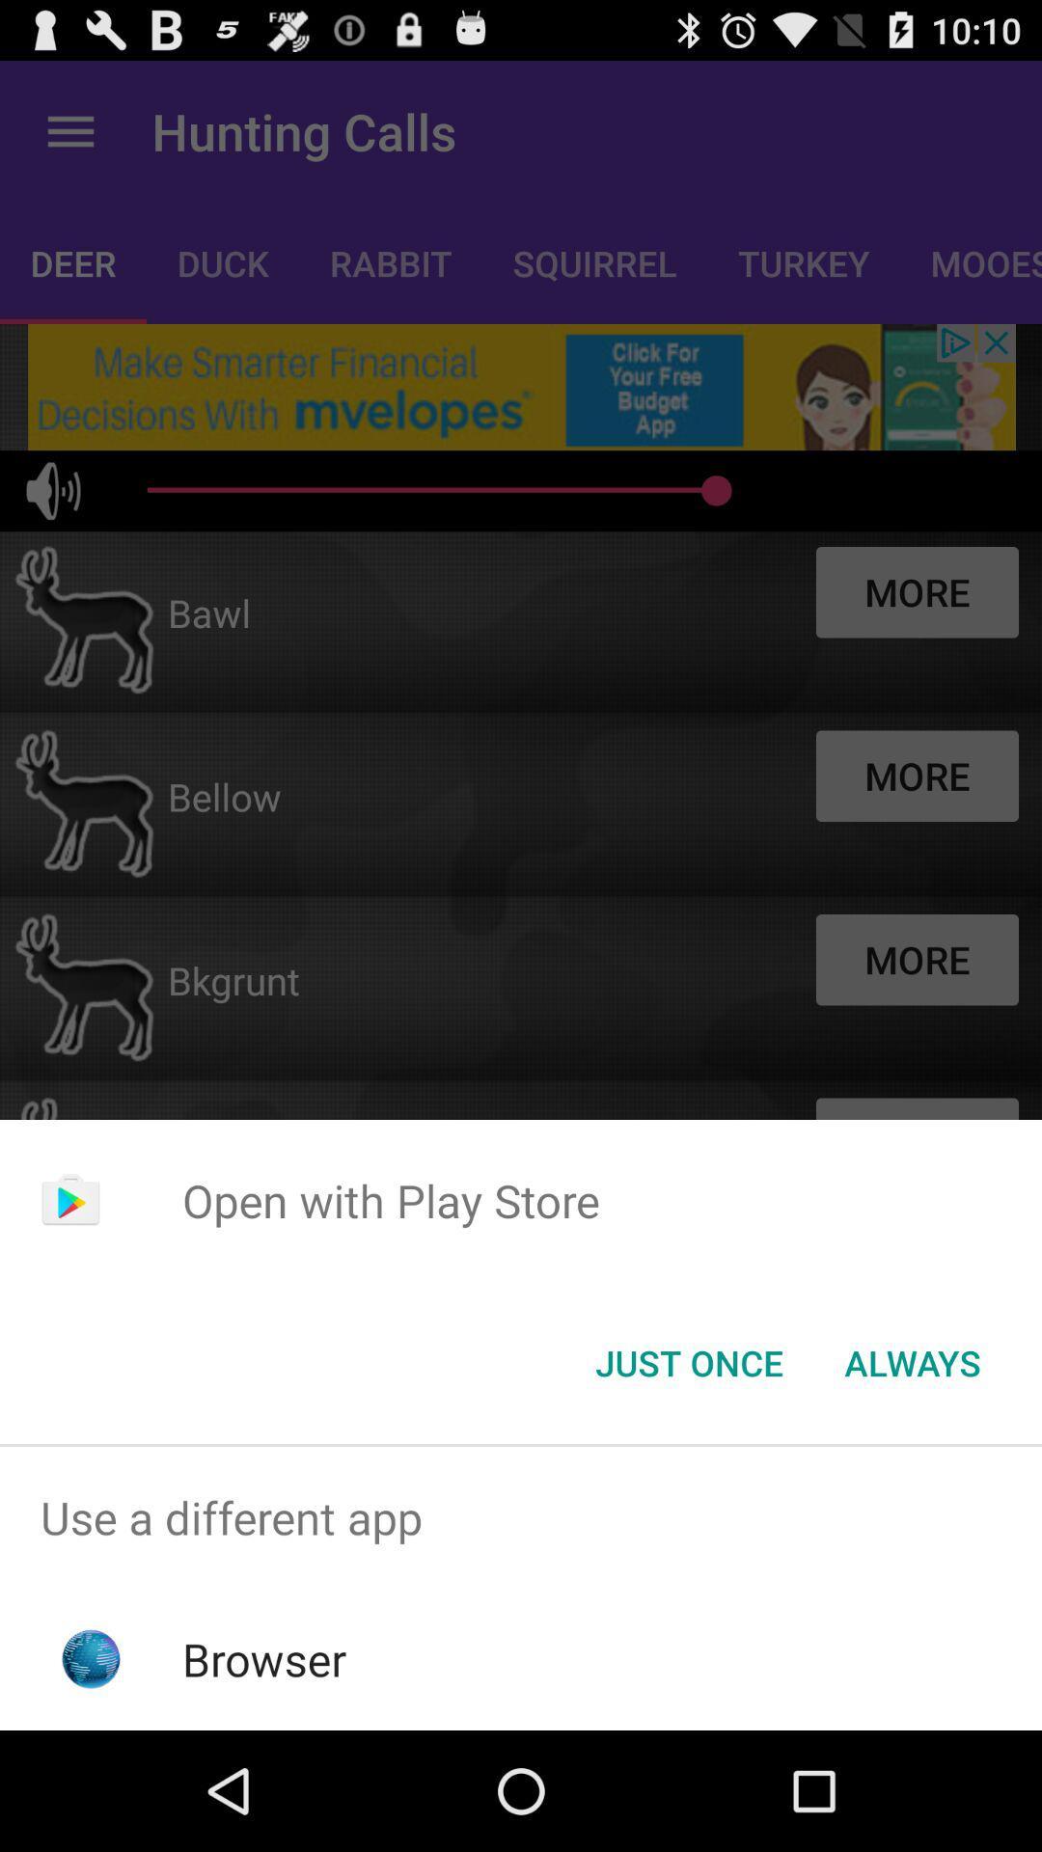 This screenshot has width=1042, height=1852. Describe the element at coordinates (688, 1361) in the screenshot. I see `button next to the always icon` at that location.